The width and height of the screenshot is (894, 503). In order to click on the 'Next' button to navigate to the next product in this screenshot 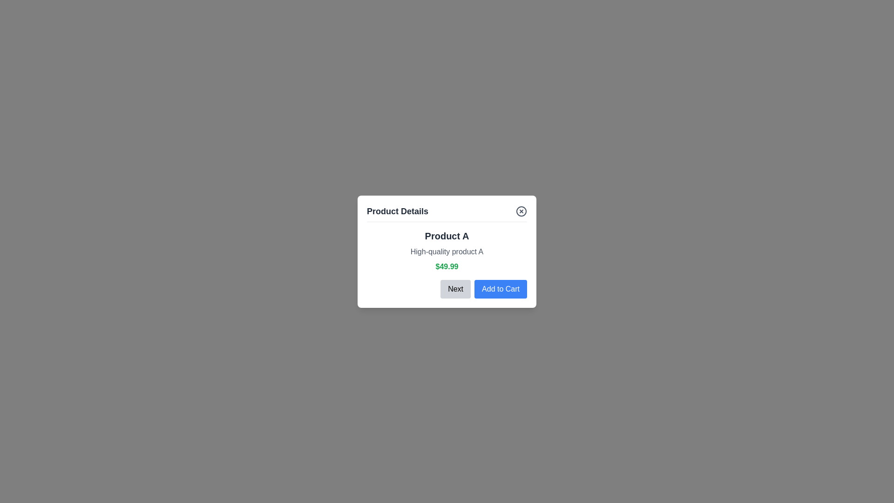, I will do `click(455, 288)`.